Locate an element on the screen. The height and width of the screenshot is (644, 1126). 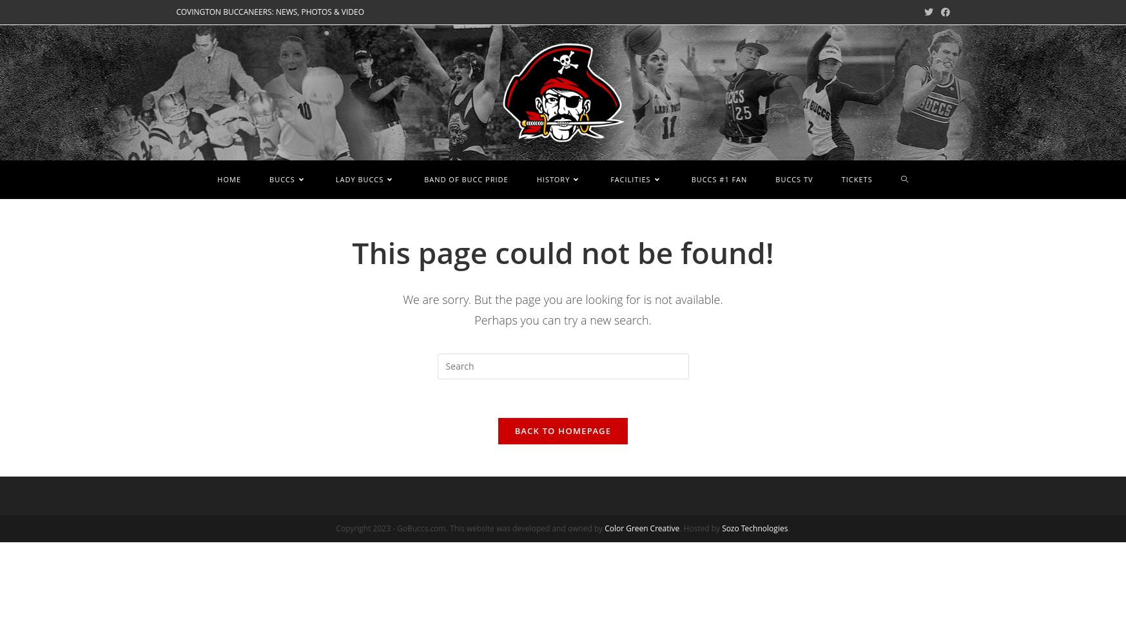
'.' is located at coordinates (788, 527).